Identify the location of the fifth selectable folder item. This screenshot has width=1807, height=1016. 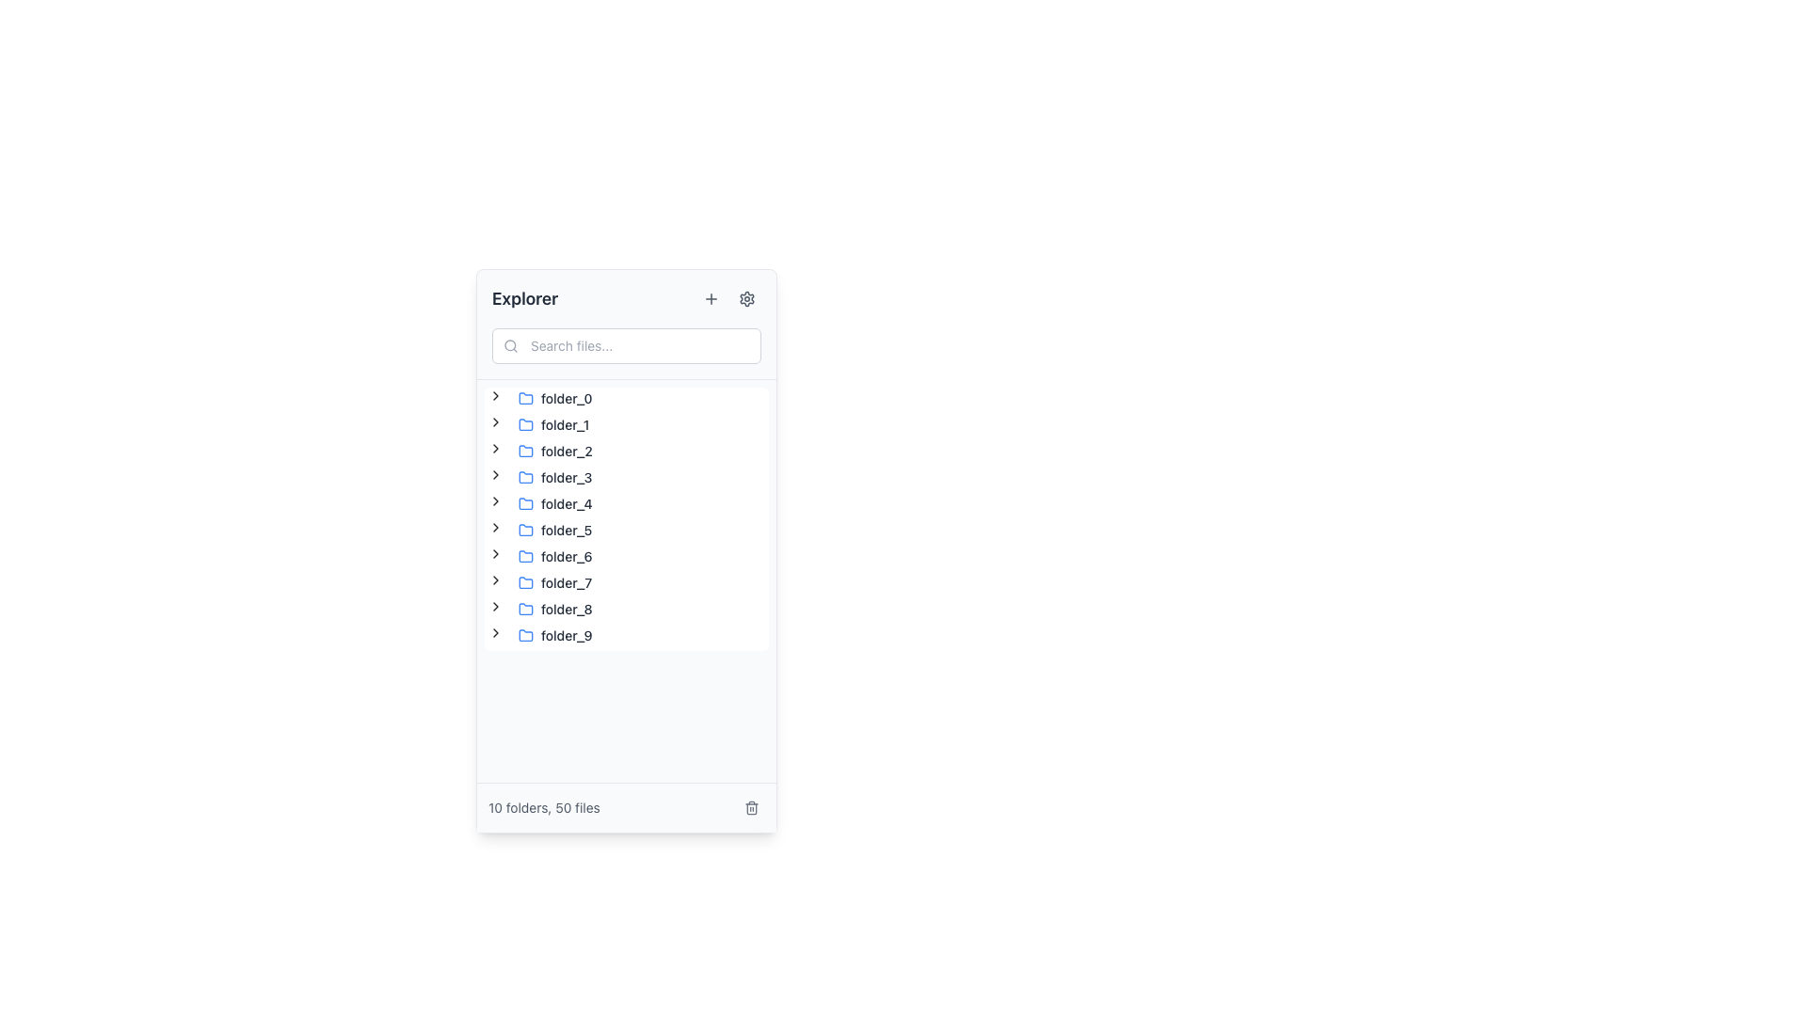
(554, 503).